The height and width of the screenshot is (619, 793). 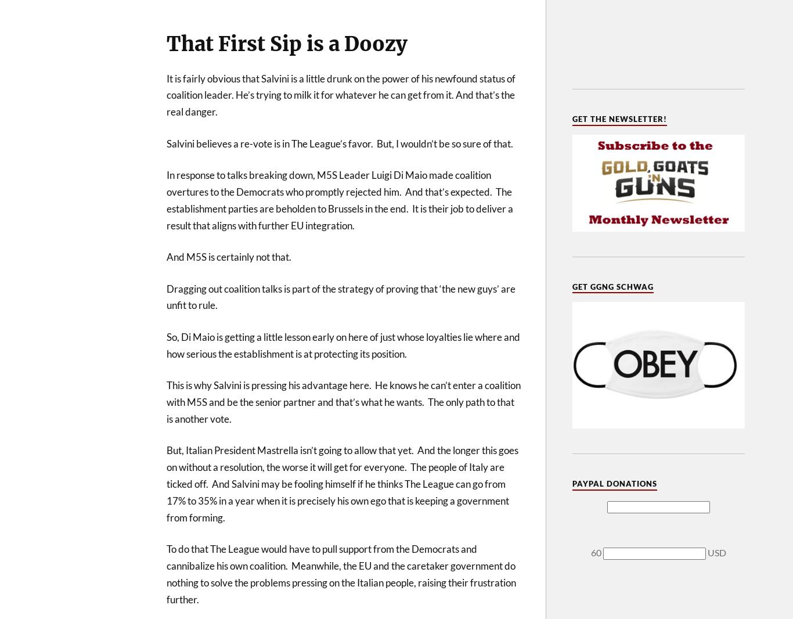 I want to click on 'Salvini believes a re-vote is in The League’s favor.  But, I wouldn’t be so sure of that.', so click(x=339, y=142).